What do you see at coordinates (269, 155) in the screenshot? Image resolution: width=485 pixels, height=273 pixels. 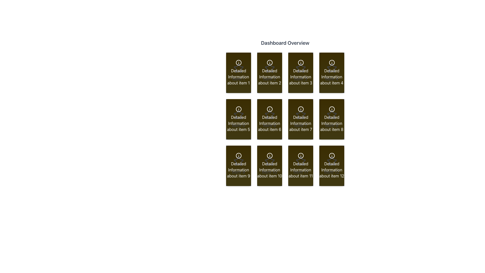 I see `the circular icon with a center dot, styled with a black background and white border, located in the center of the panel labeled 'Detailed Information about item 10'` at bounding box center [269, 155].